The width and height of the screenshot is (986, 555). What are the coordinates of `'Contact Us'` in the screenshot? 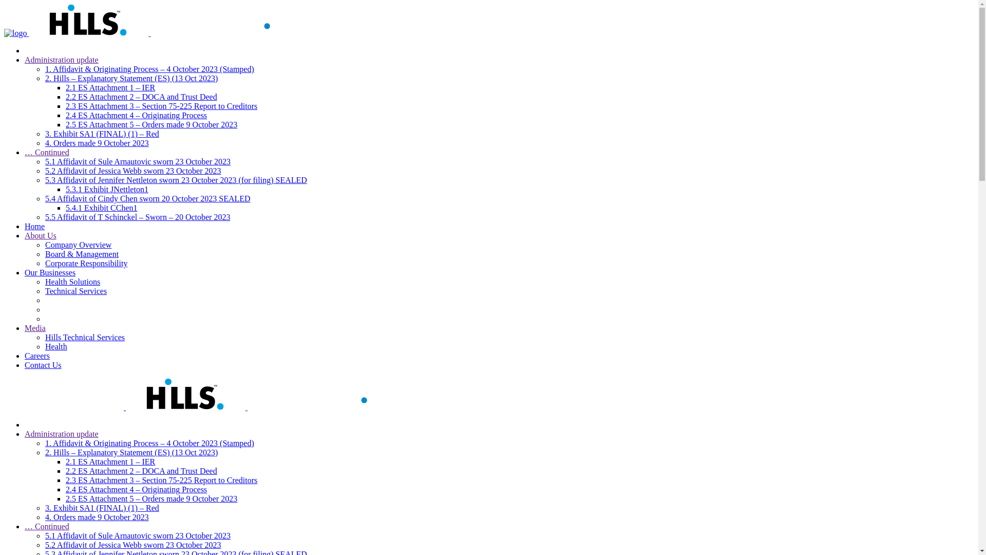 It's located at (42, 364).